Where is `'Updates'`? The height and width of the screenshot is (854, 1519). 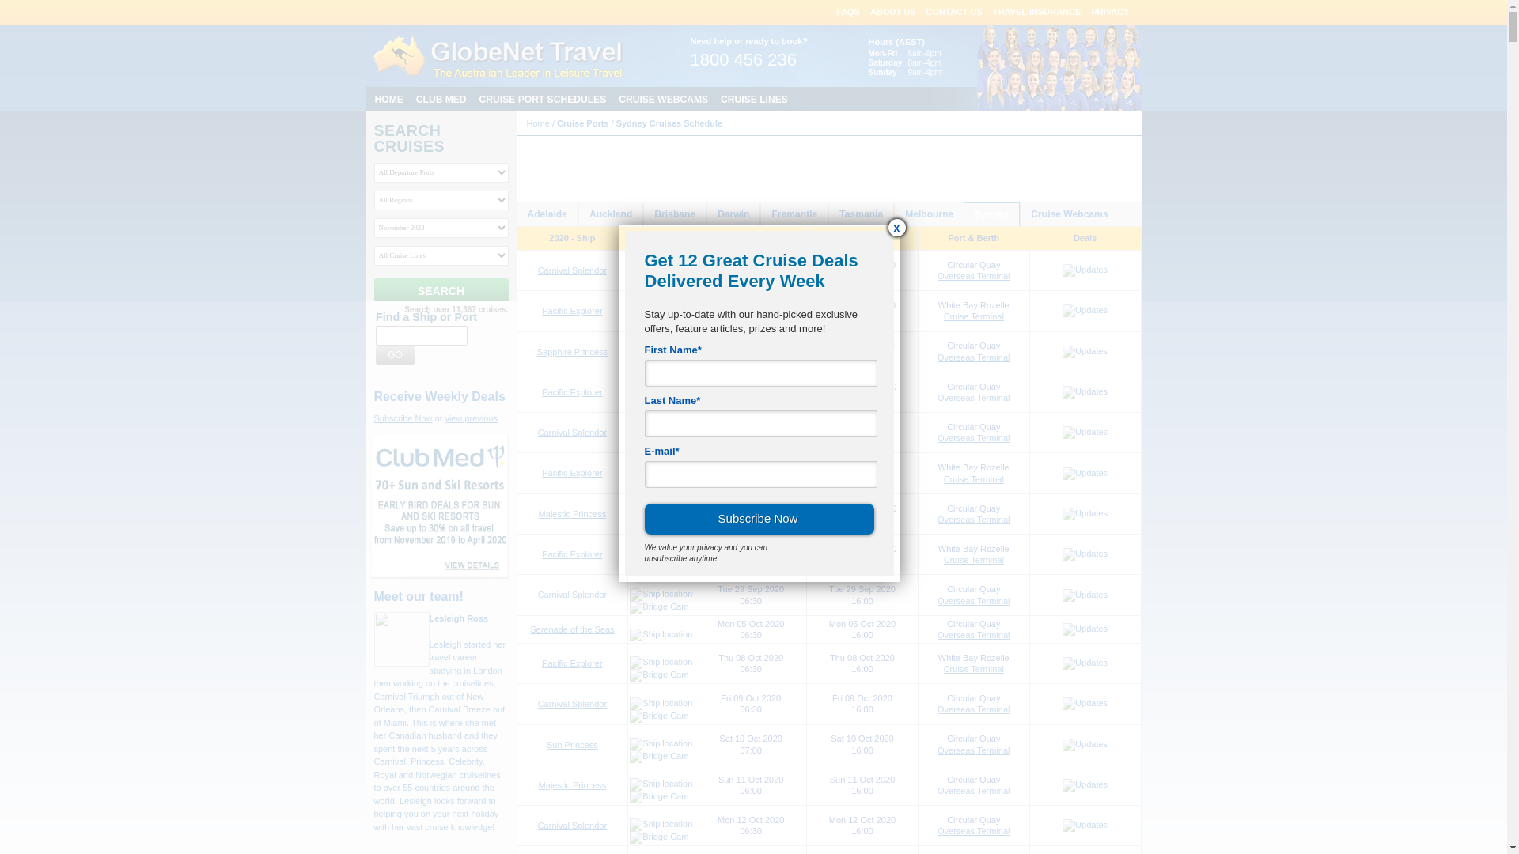 'Updates' is located at coordinates (1084, 350).